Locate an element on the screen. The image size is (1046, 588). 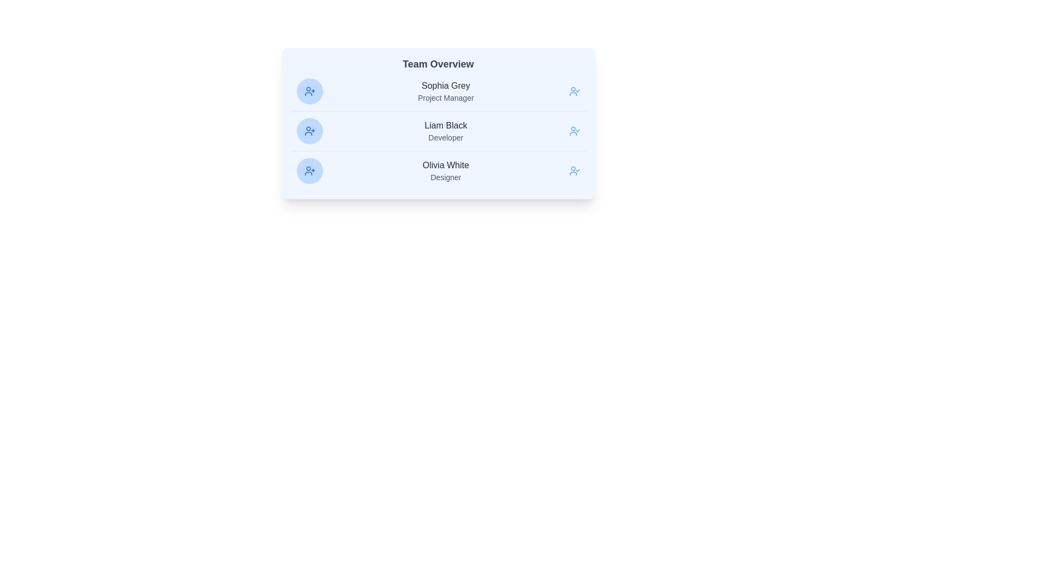
the highlighted name 'Liam Black' in the Team member information card section is located at coordinates (438, 123).